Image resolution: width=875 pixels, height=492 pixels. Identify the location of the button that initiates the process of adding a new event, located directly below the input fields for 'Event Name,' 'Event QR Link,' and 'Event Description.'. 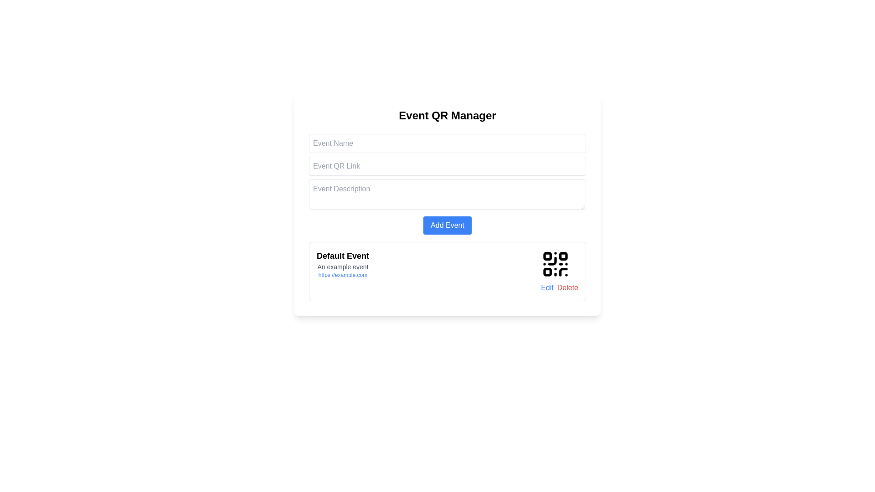
(448, 225).